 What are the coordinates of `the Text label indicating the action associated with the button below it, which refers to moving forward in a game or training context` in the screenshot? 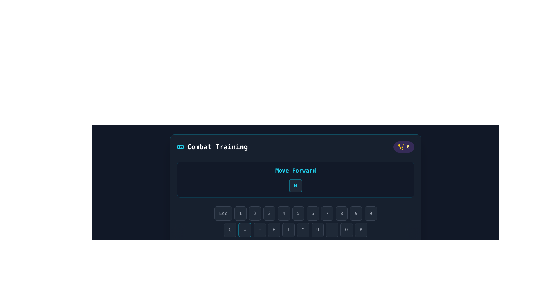 It's located at (295, 170).